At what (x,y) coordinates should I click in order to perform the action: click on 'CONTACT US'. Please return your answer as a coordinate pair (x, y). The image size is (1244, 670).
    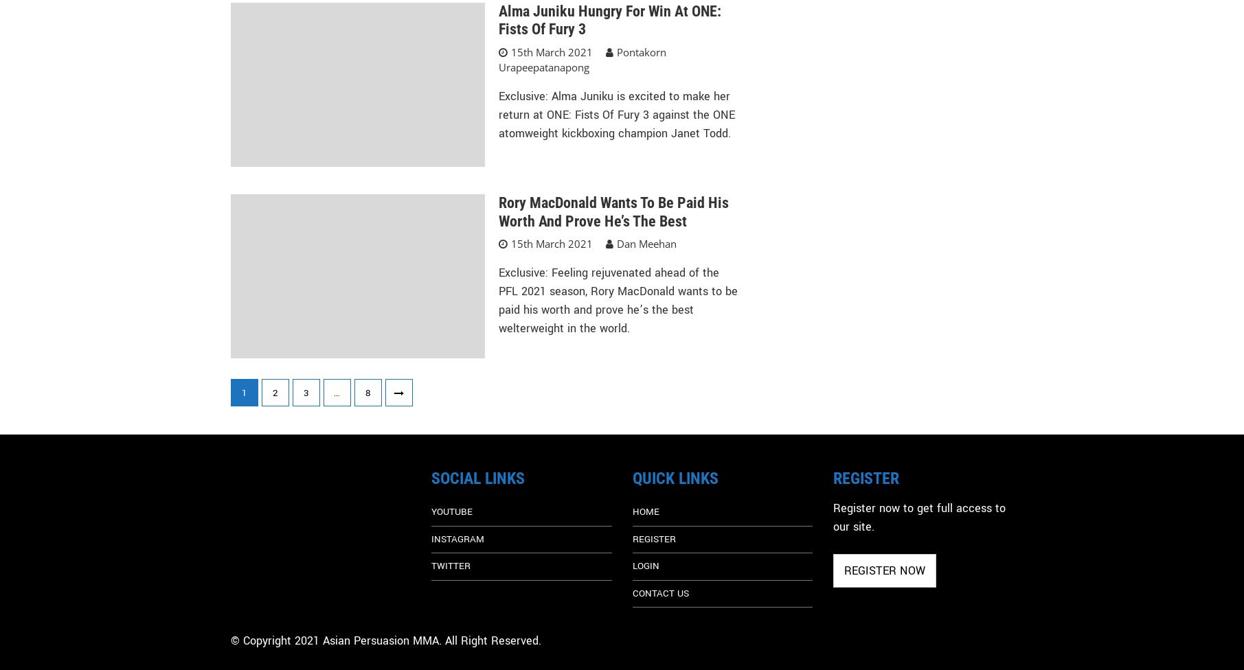
    Looking at the image, I should click on (631, 592).